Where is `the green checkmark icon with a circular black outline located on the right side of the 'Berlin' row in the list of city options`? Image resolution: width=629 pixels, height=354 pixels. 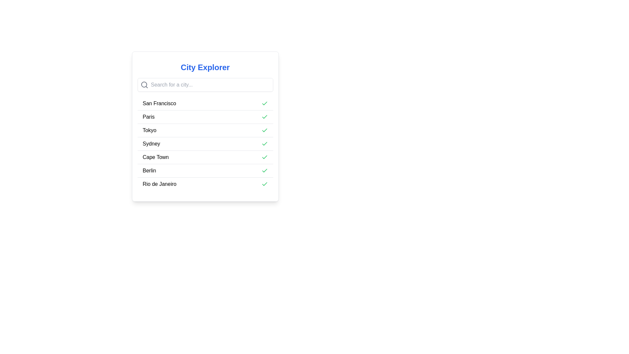
the green checkmark icon with a circular black outline located on the right side of the 'Berlin' row in the list of city options is located at coordinates (264, 170).